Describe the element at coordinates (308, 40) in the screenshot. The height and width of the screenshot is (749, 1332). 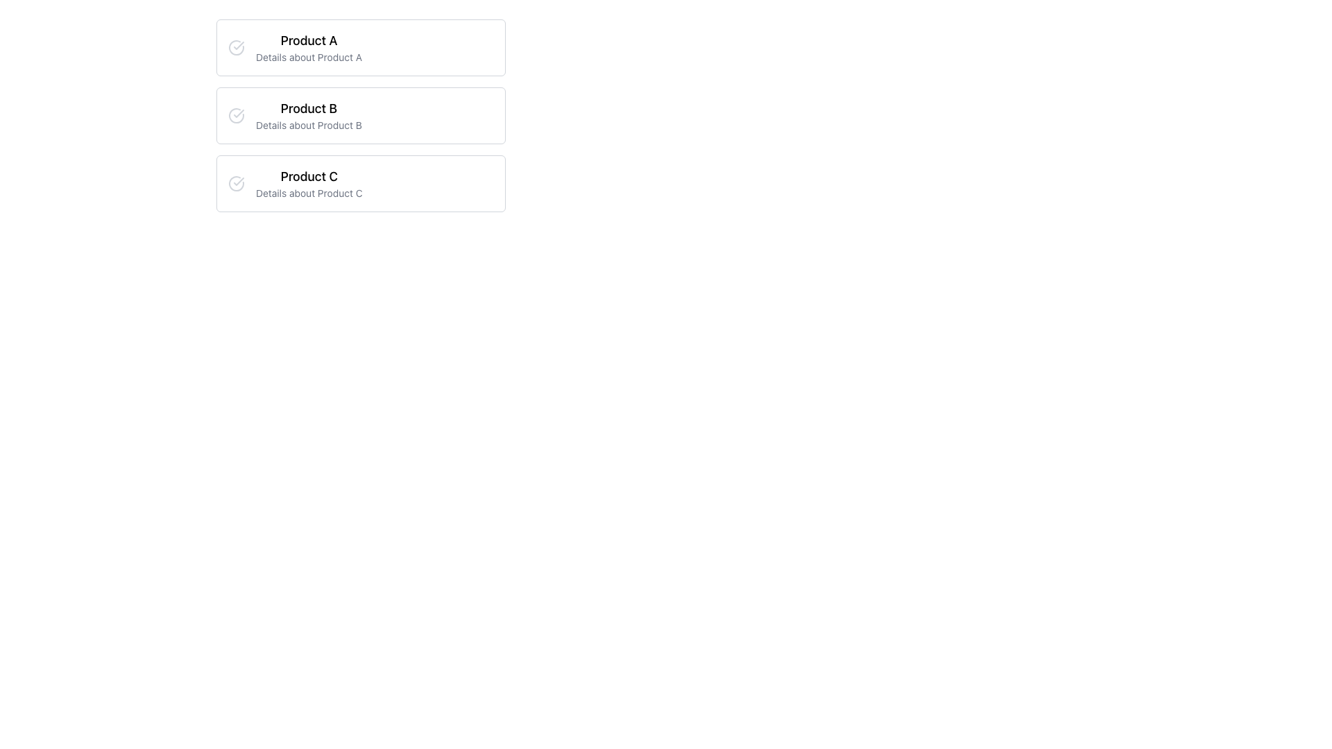
I see `the primary title text label for the first product listed, located at the top-left section of the layout, above the descriptive text 'Details about Product A'` at that location.